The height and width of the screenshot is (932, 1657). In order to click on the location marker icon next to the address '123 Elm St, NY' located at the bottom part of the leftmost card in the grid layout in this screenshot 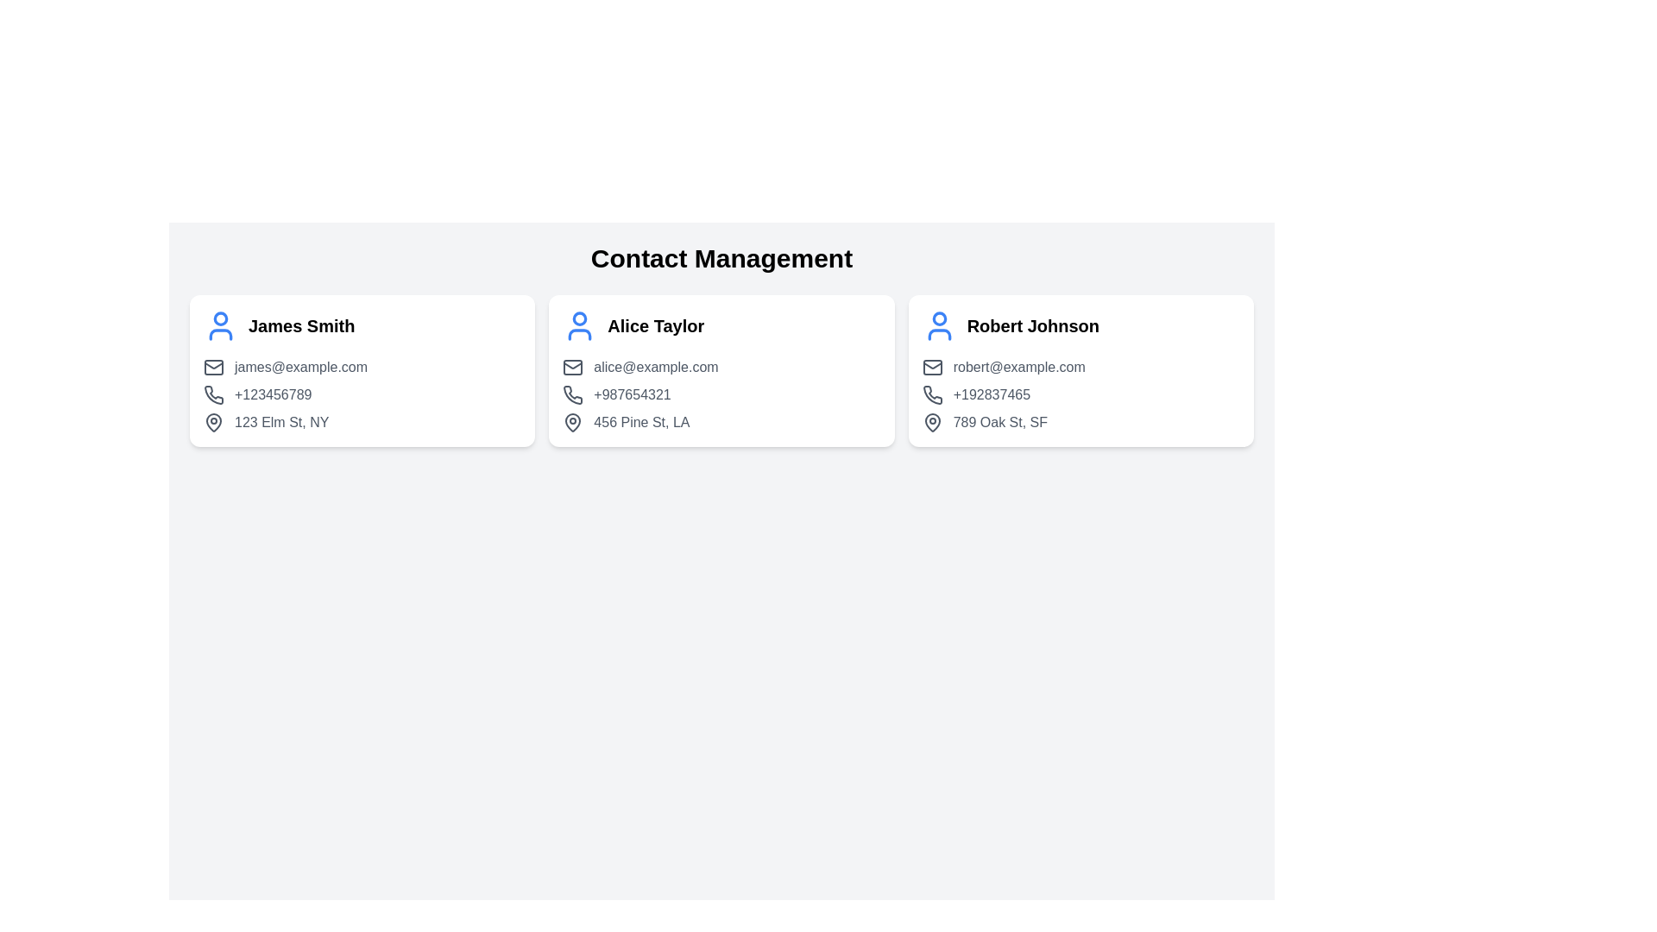, I will do `click(213, 422)`.